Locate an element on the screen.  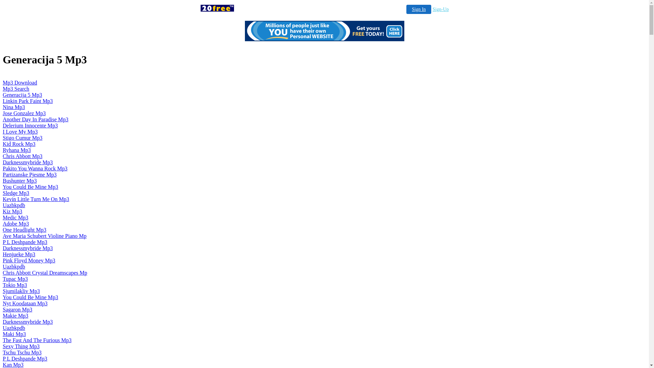
'Ave Maria Schubert Violine Piano Mp' is located at coordinates (44, 235).